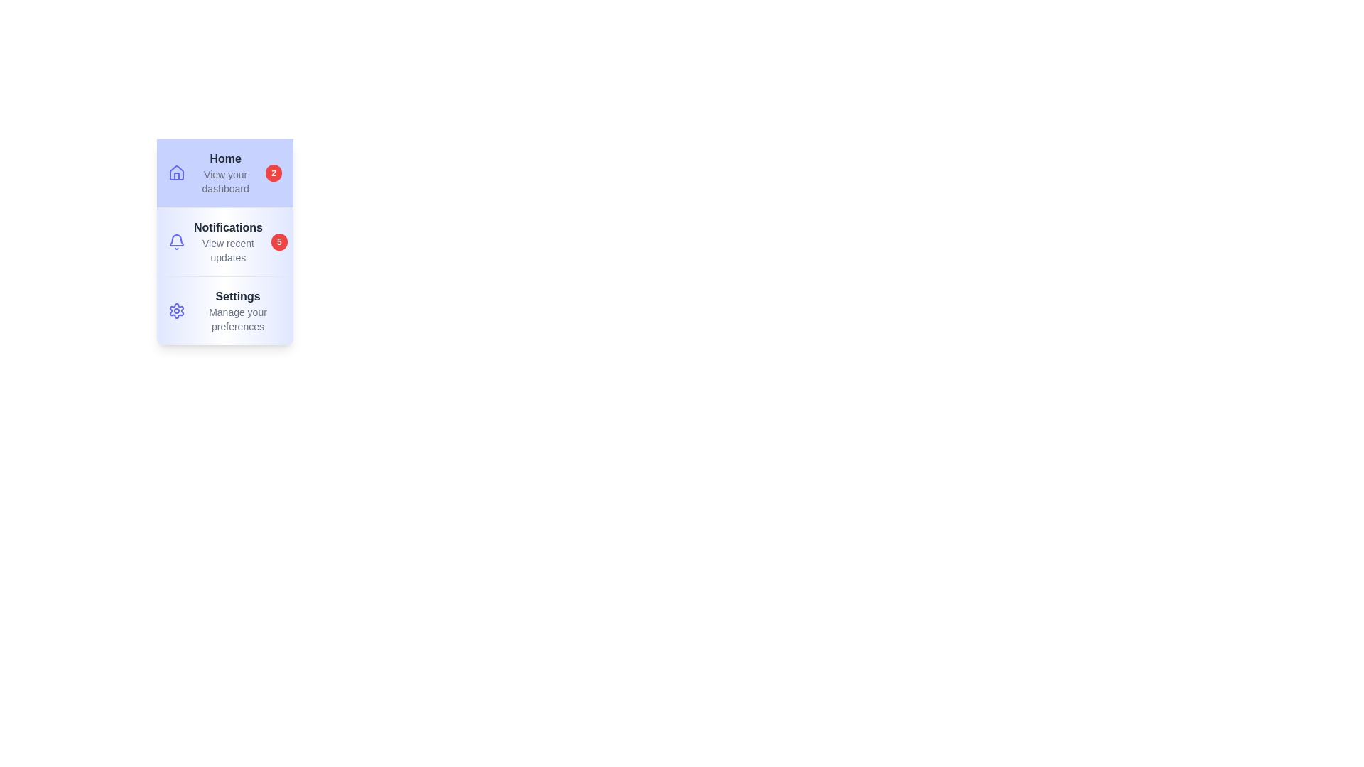 This screenshot has width=1364, height=767. What do you see at coordinates (274, 172) in the screenshot?
I see `the notification badge of the menu item labeled Home` at bounding box center [274, 172].